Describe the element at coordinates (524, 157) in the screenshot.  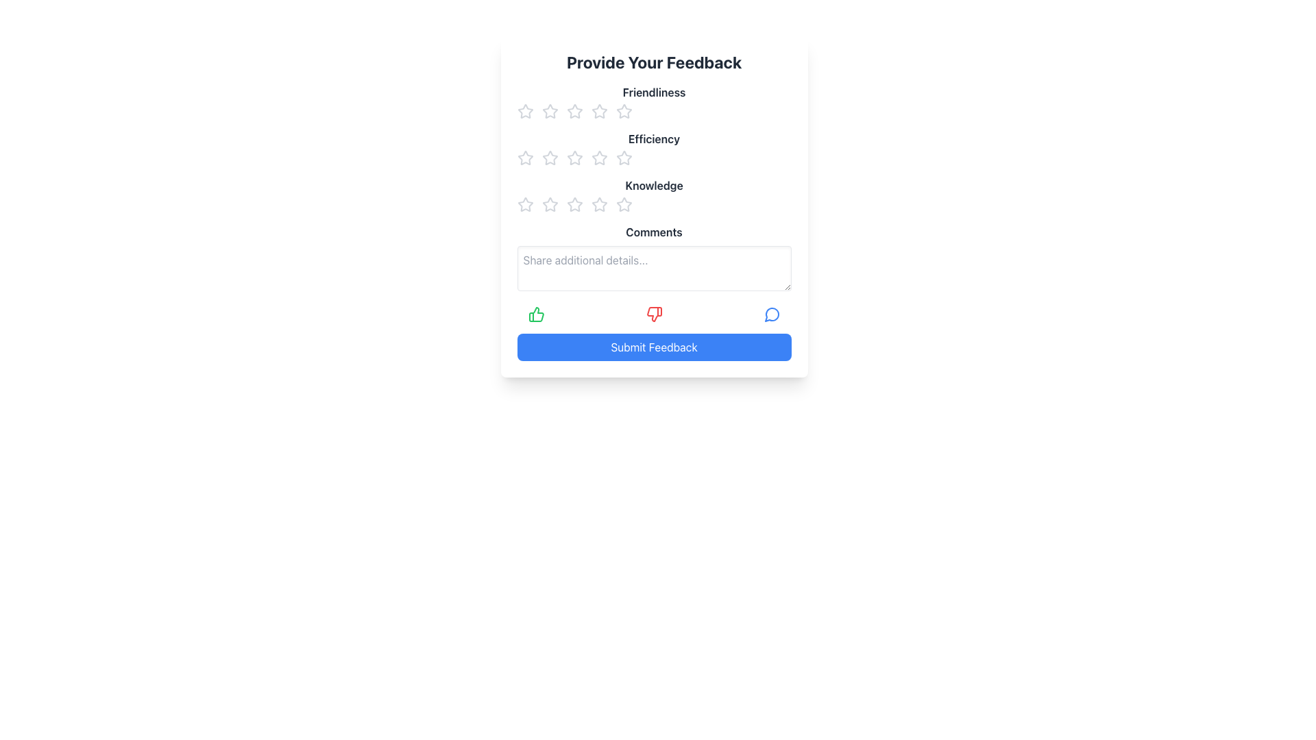
I see `the first gray star-shaped rating icon in the Efficiency section` at that location.